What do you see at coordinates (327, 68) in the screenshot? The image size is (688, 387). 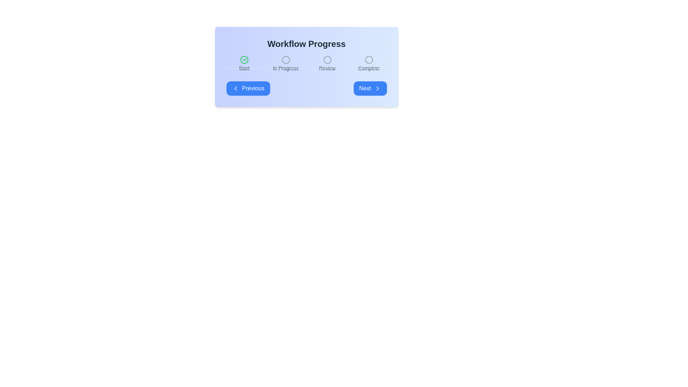 I see `the 'Review' text label, which is the third in a sequence of milestone indicators, positioned beneath an inactive circular icon` at bounding box center [327, 68].